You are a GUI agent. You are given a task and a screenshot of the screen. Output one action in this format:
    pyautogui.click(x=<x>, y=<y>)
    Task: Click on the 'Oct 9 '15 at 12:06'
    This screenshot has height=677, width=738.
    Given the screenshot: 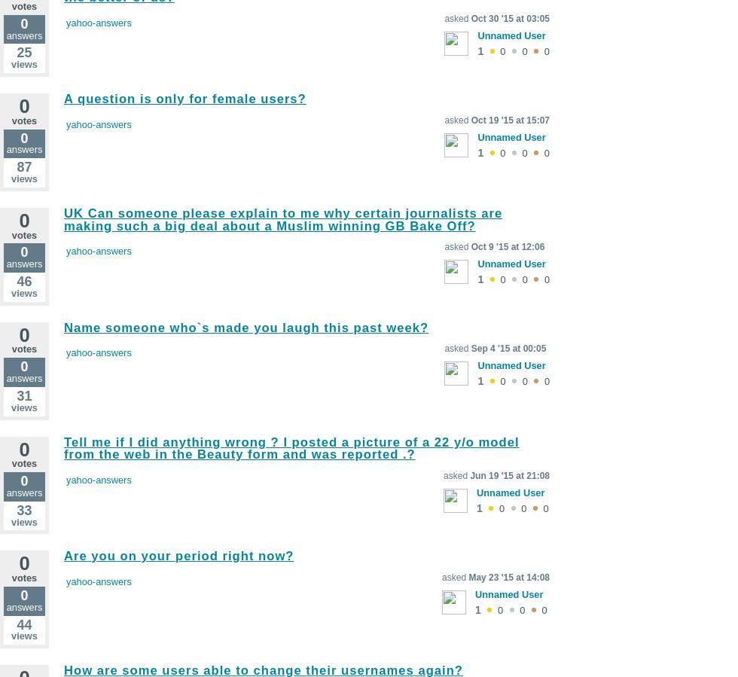 What is the action you would take?
    pyautogui.click(x=508, y=245)
    